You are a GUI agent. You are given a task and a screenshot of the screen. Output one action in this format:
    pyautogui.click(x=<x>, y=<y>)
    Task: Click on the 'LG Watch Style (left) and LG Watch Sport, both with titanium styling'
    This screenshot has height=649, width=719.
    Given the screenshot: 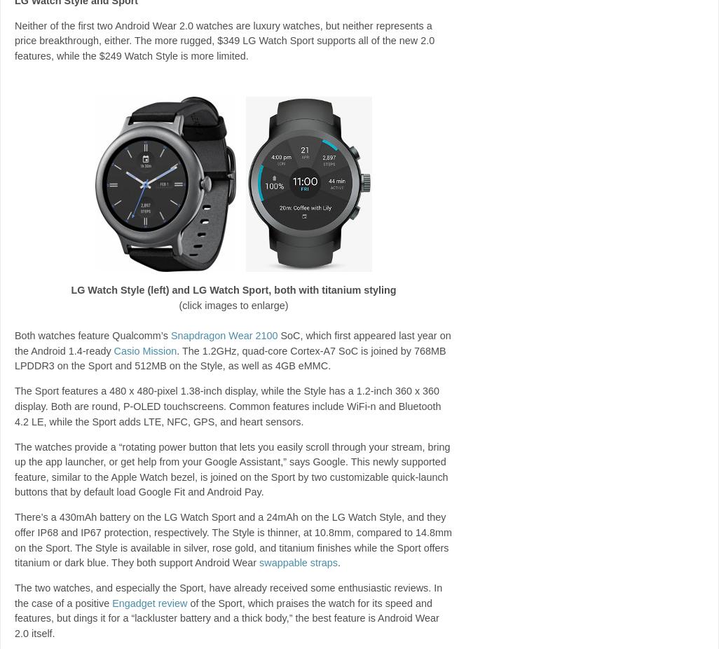 What is the action you would take?
    pyautogui.click(x=233, y=290)
    